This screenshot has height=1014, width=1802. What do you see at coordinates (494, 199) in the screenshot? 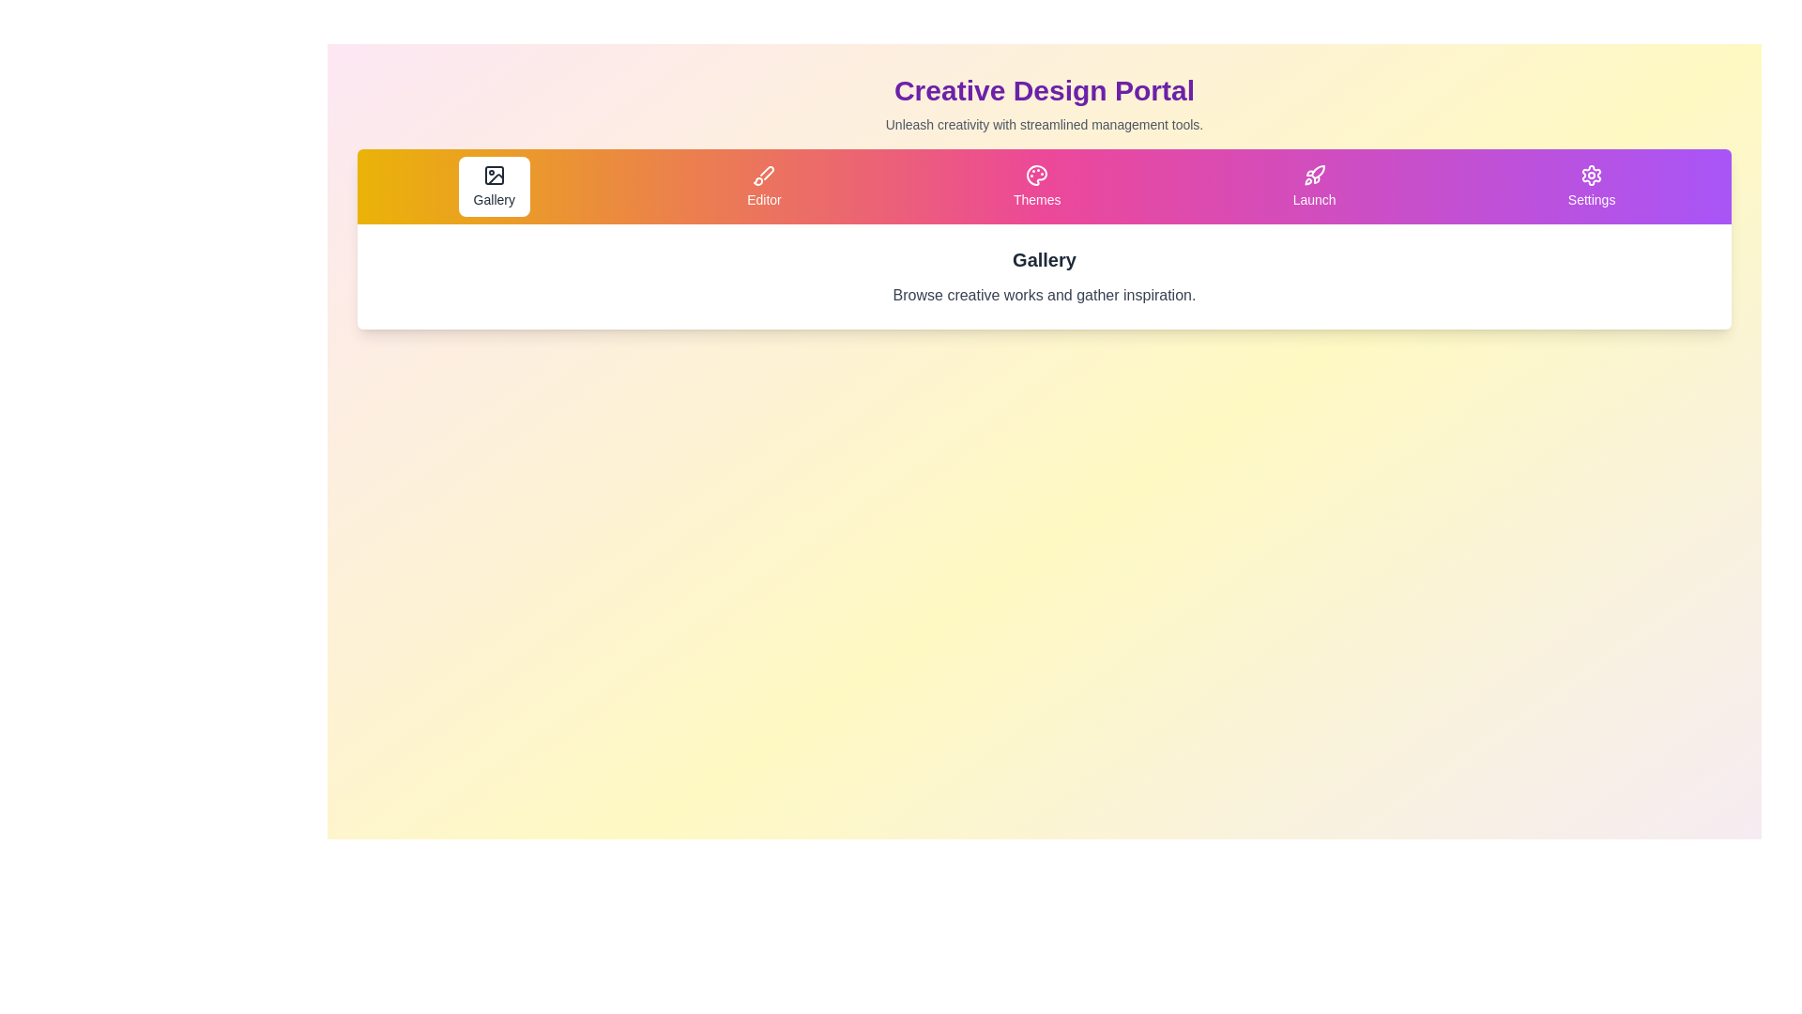
I see `descriptive text label for the 'Gallery' section located centrally below the image icon in the orange section of the top bar` at bounding box center [494, 199].